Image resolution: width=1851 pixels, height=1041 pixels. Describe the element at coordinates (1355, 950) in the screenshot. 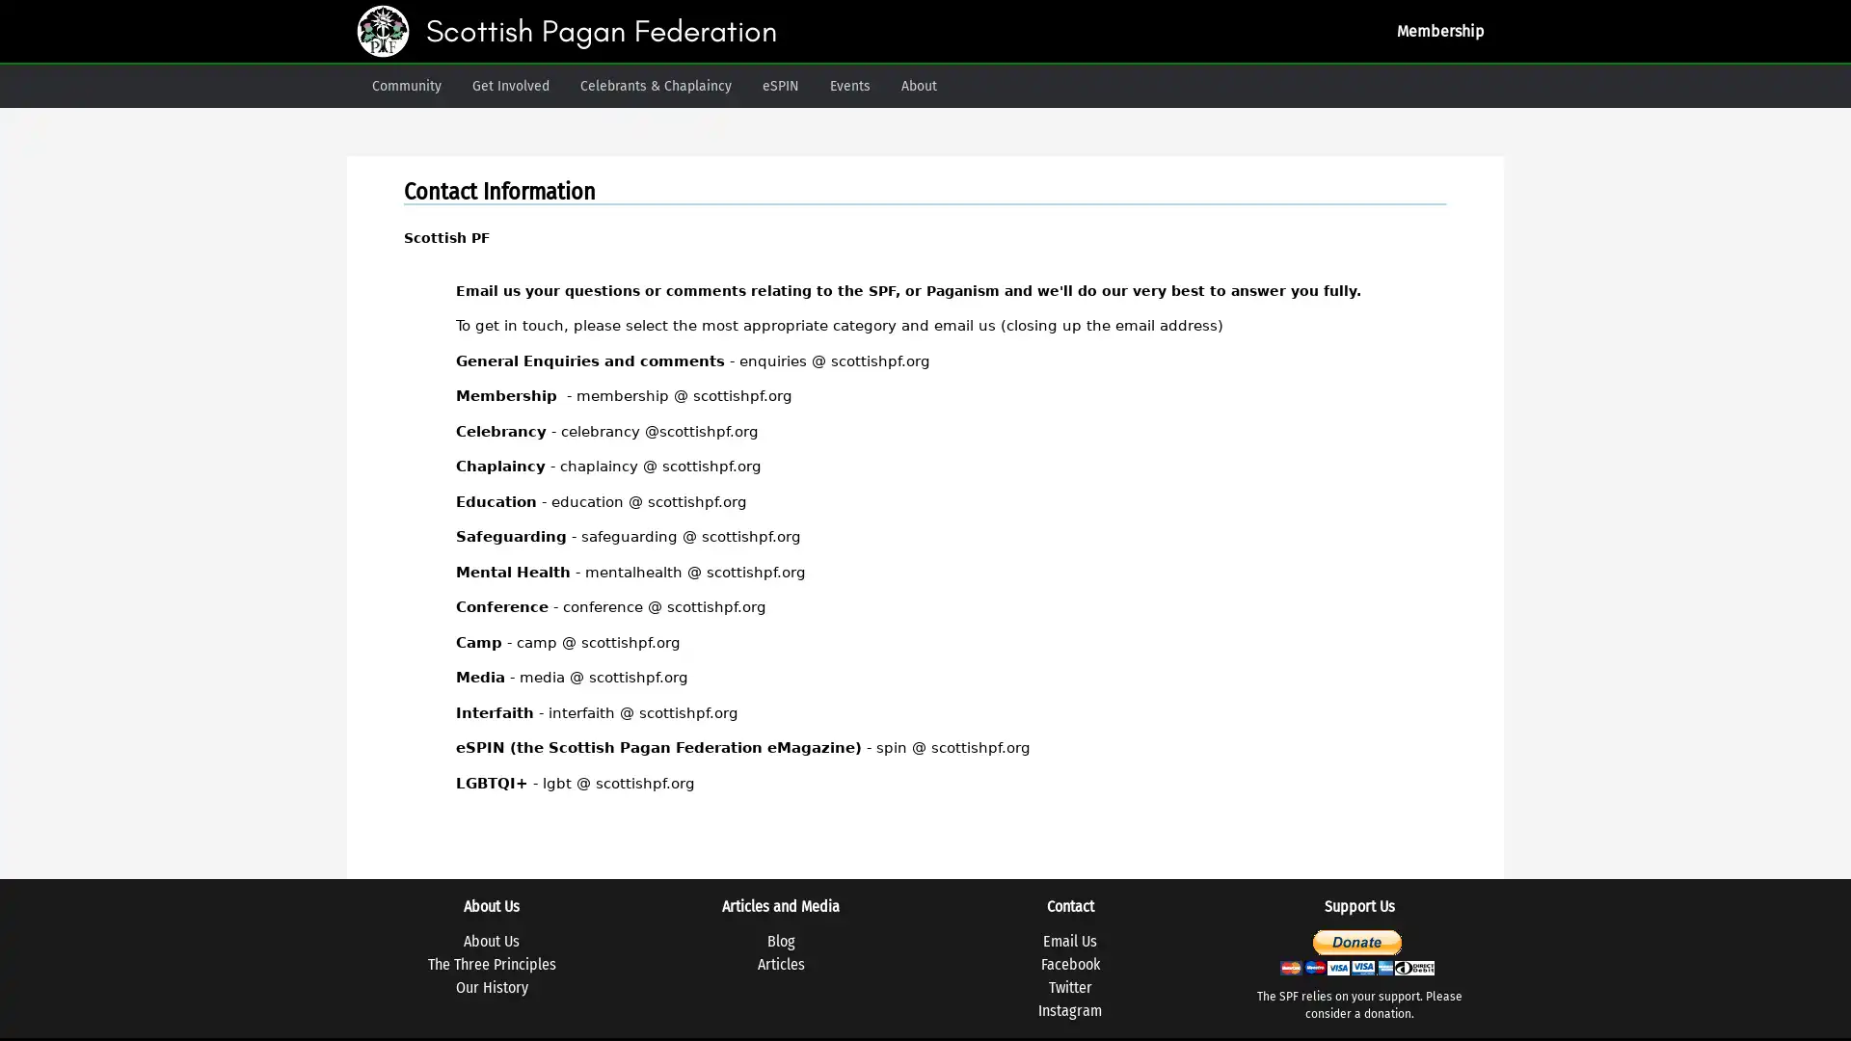

I see `Donate with PayPal button` at that location.